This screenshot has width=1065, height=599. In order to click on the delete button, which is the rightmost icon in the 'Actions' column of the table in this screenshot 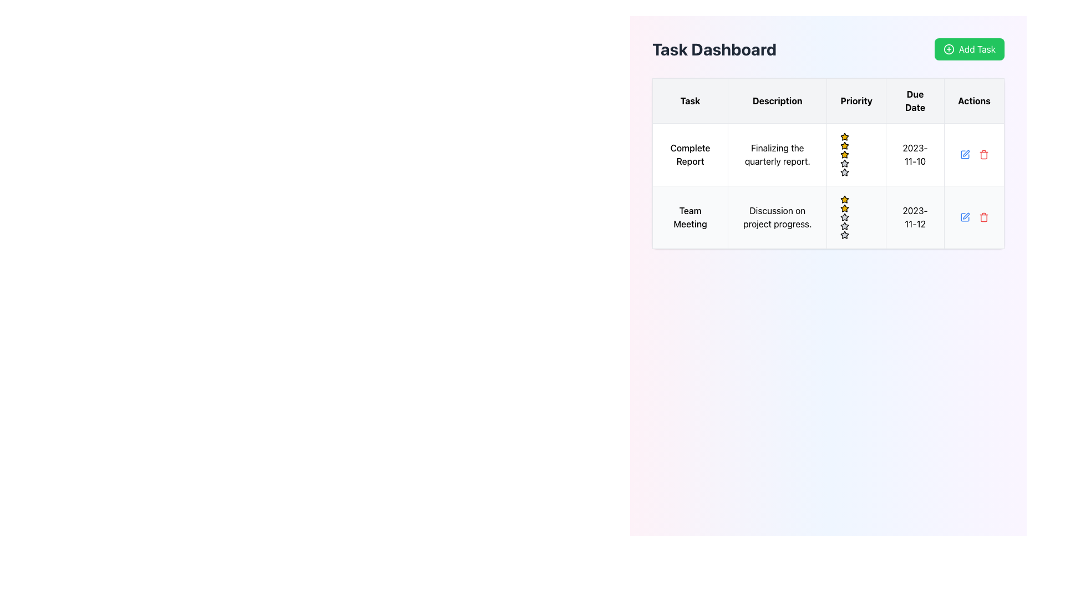, I will do `click(983, 154)`.